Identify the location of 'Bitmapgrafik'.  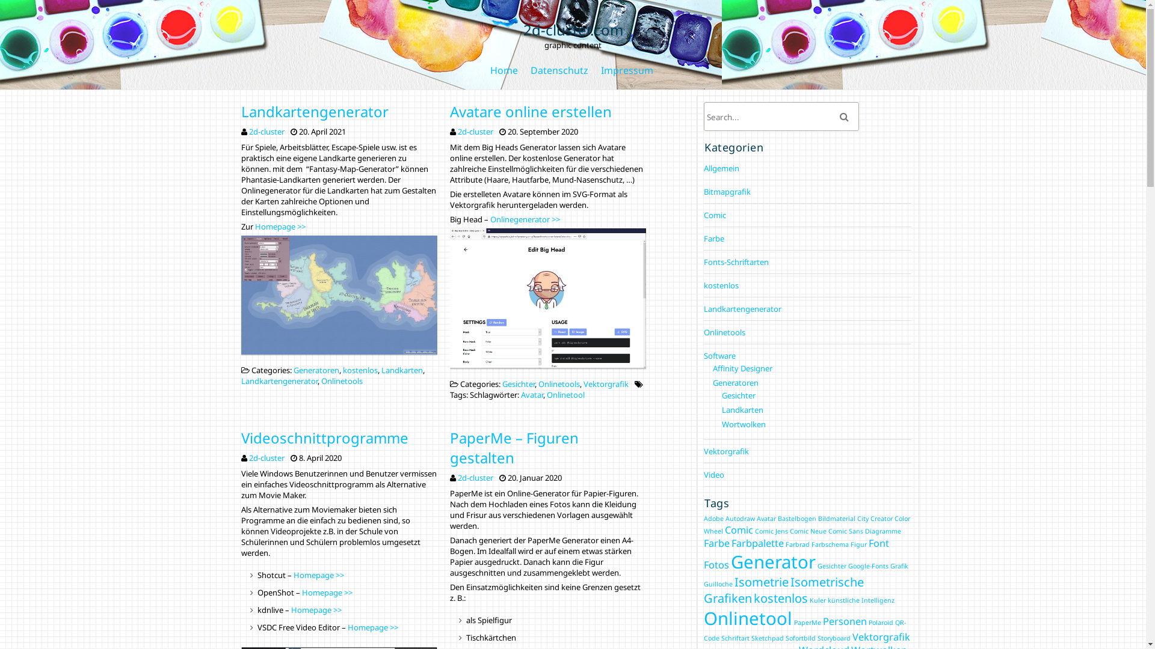
(727, 191).